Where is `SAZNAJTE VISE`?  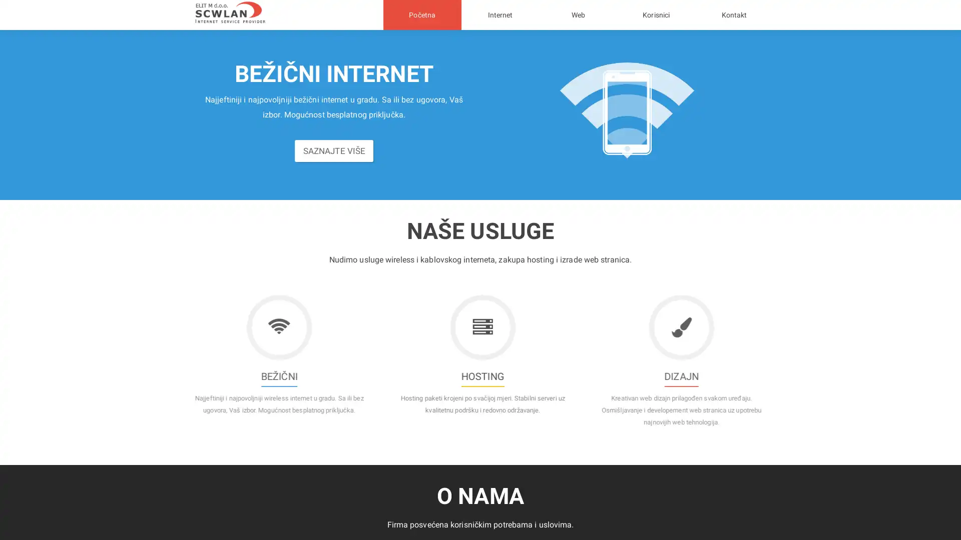 SAZNAJTE VISE is located at coordinates (334, 156).